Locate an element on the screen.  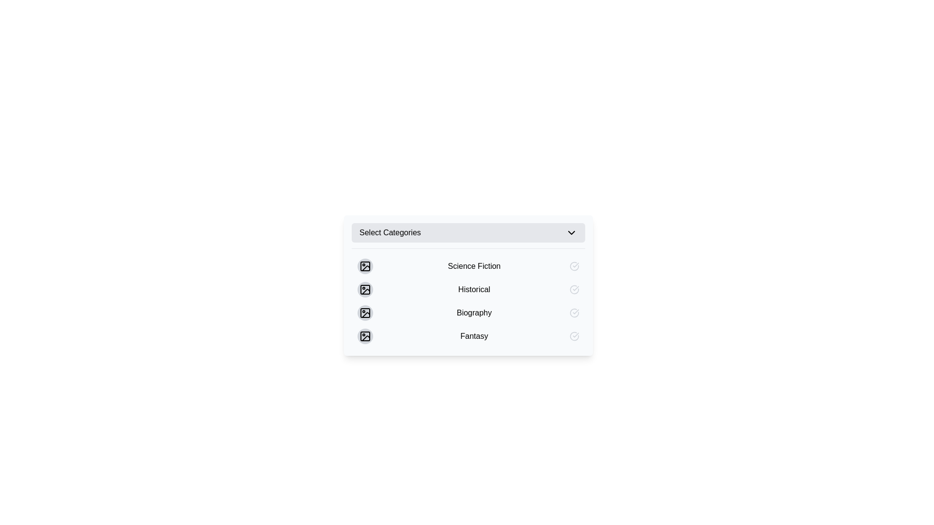
the dropdown menu labeled 'Select Categories' is located at coordinates (468, 232).